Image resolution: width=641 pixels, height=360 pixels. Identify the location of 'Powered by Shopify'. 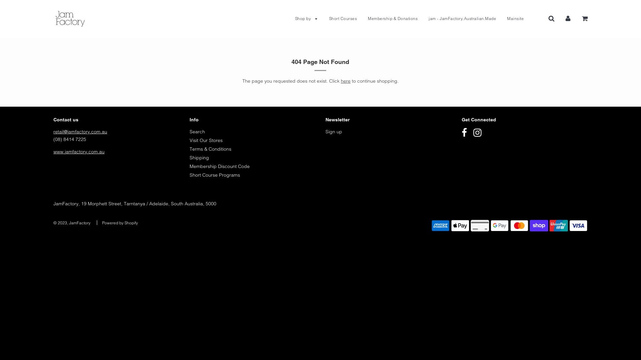
(102, 223).